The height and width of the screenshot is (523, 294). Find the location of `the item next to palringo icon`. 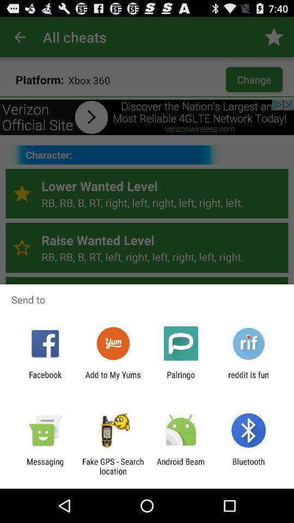

the item next to palringo icon is located at coordinates (248, 379).